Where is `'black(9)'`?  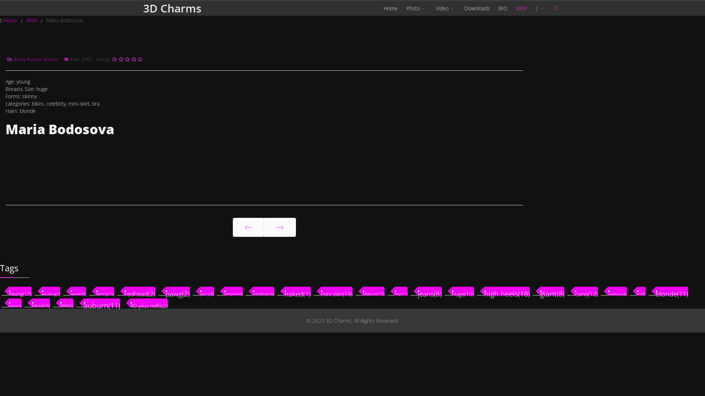
'black(9)' is located at coordinates (15, 302).